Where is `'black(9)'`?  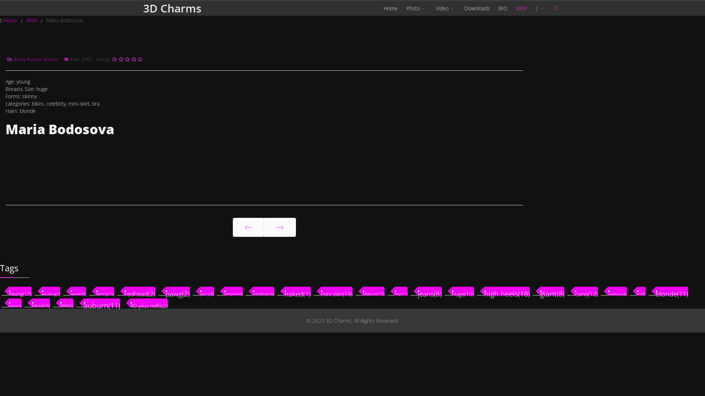
'black(9)' is located at coordinates (15, 302).